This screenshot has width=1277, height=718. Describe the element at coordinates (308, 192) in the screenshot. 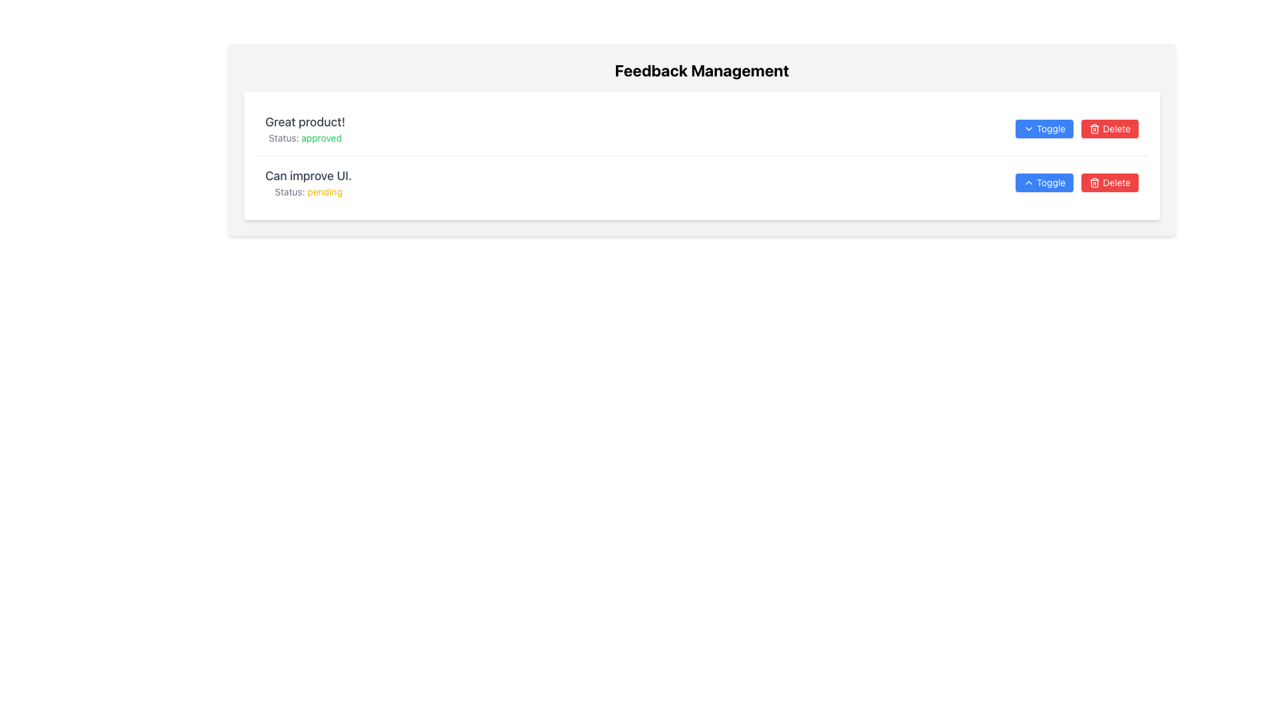

I see `status information displayed in the text label showing 'Status: pending', which is styled with 'Status:' in gray and 'pending' in yellow, located below 'Can improve UI.' within a feedback entry card` at that location.